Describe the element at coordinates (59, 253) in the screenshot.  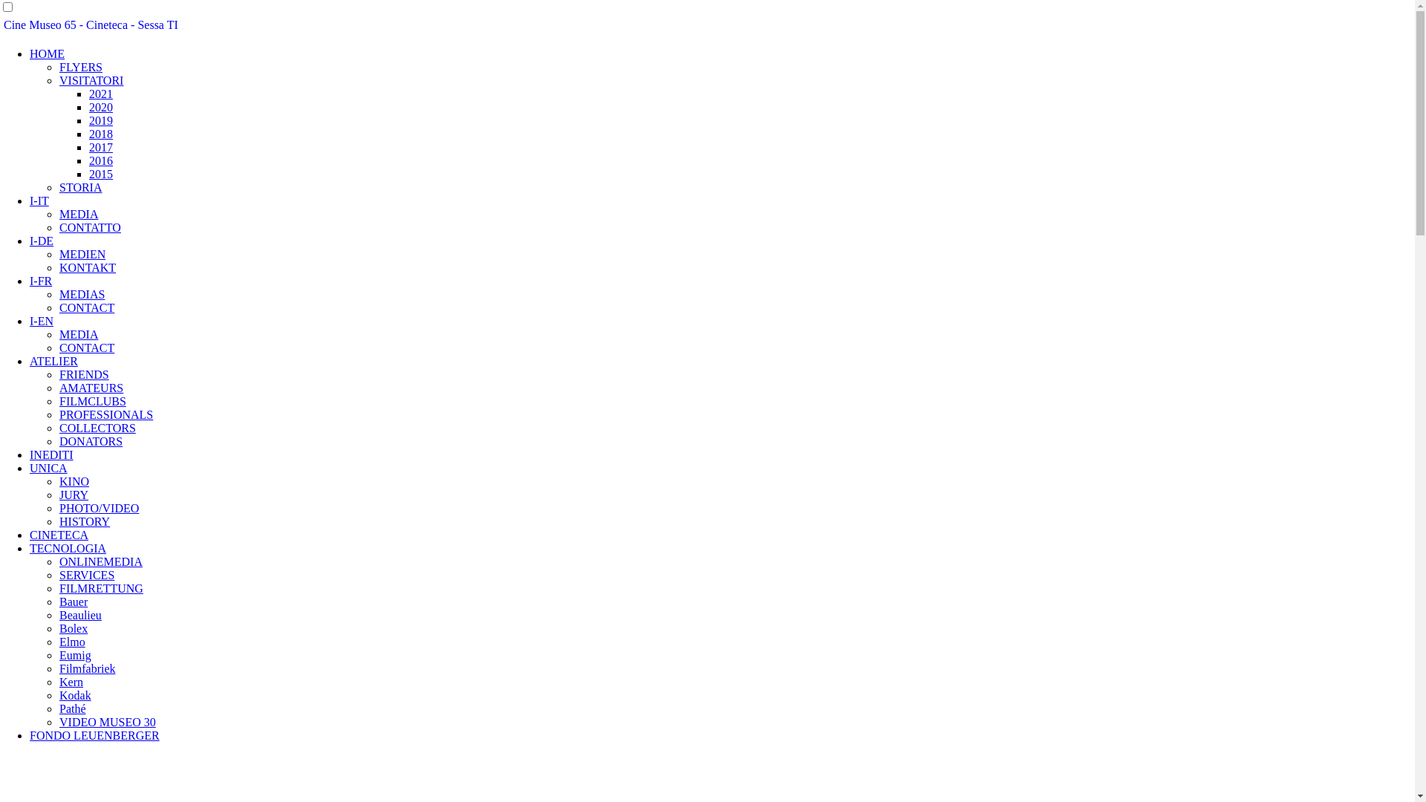
I see `'MEDIEN'` at that location.